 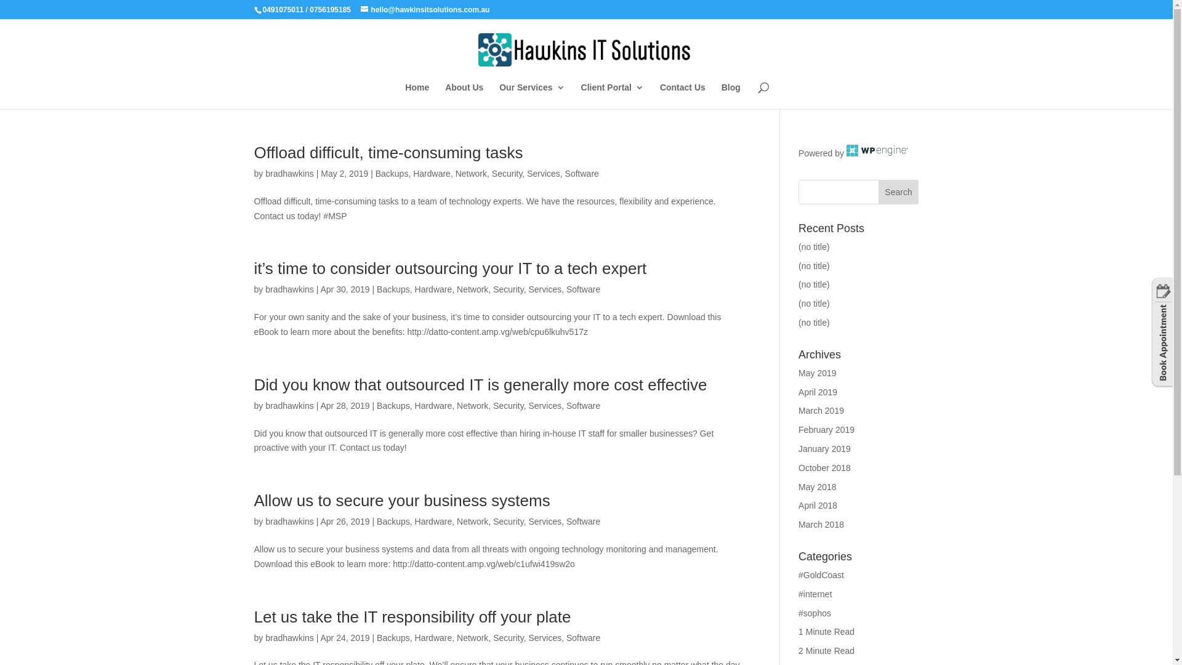 I want to click on 'Contact Us', so click(x=659, y=95).